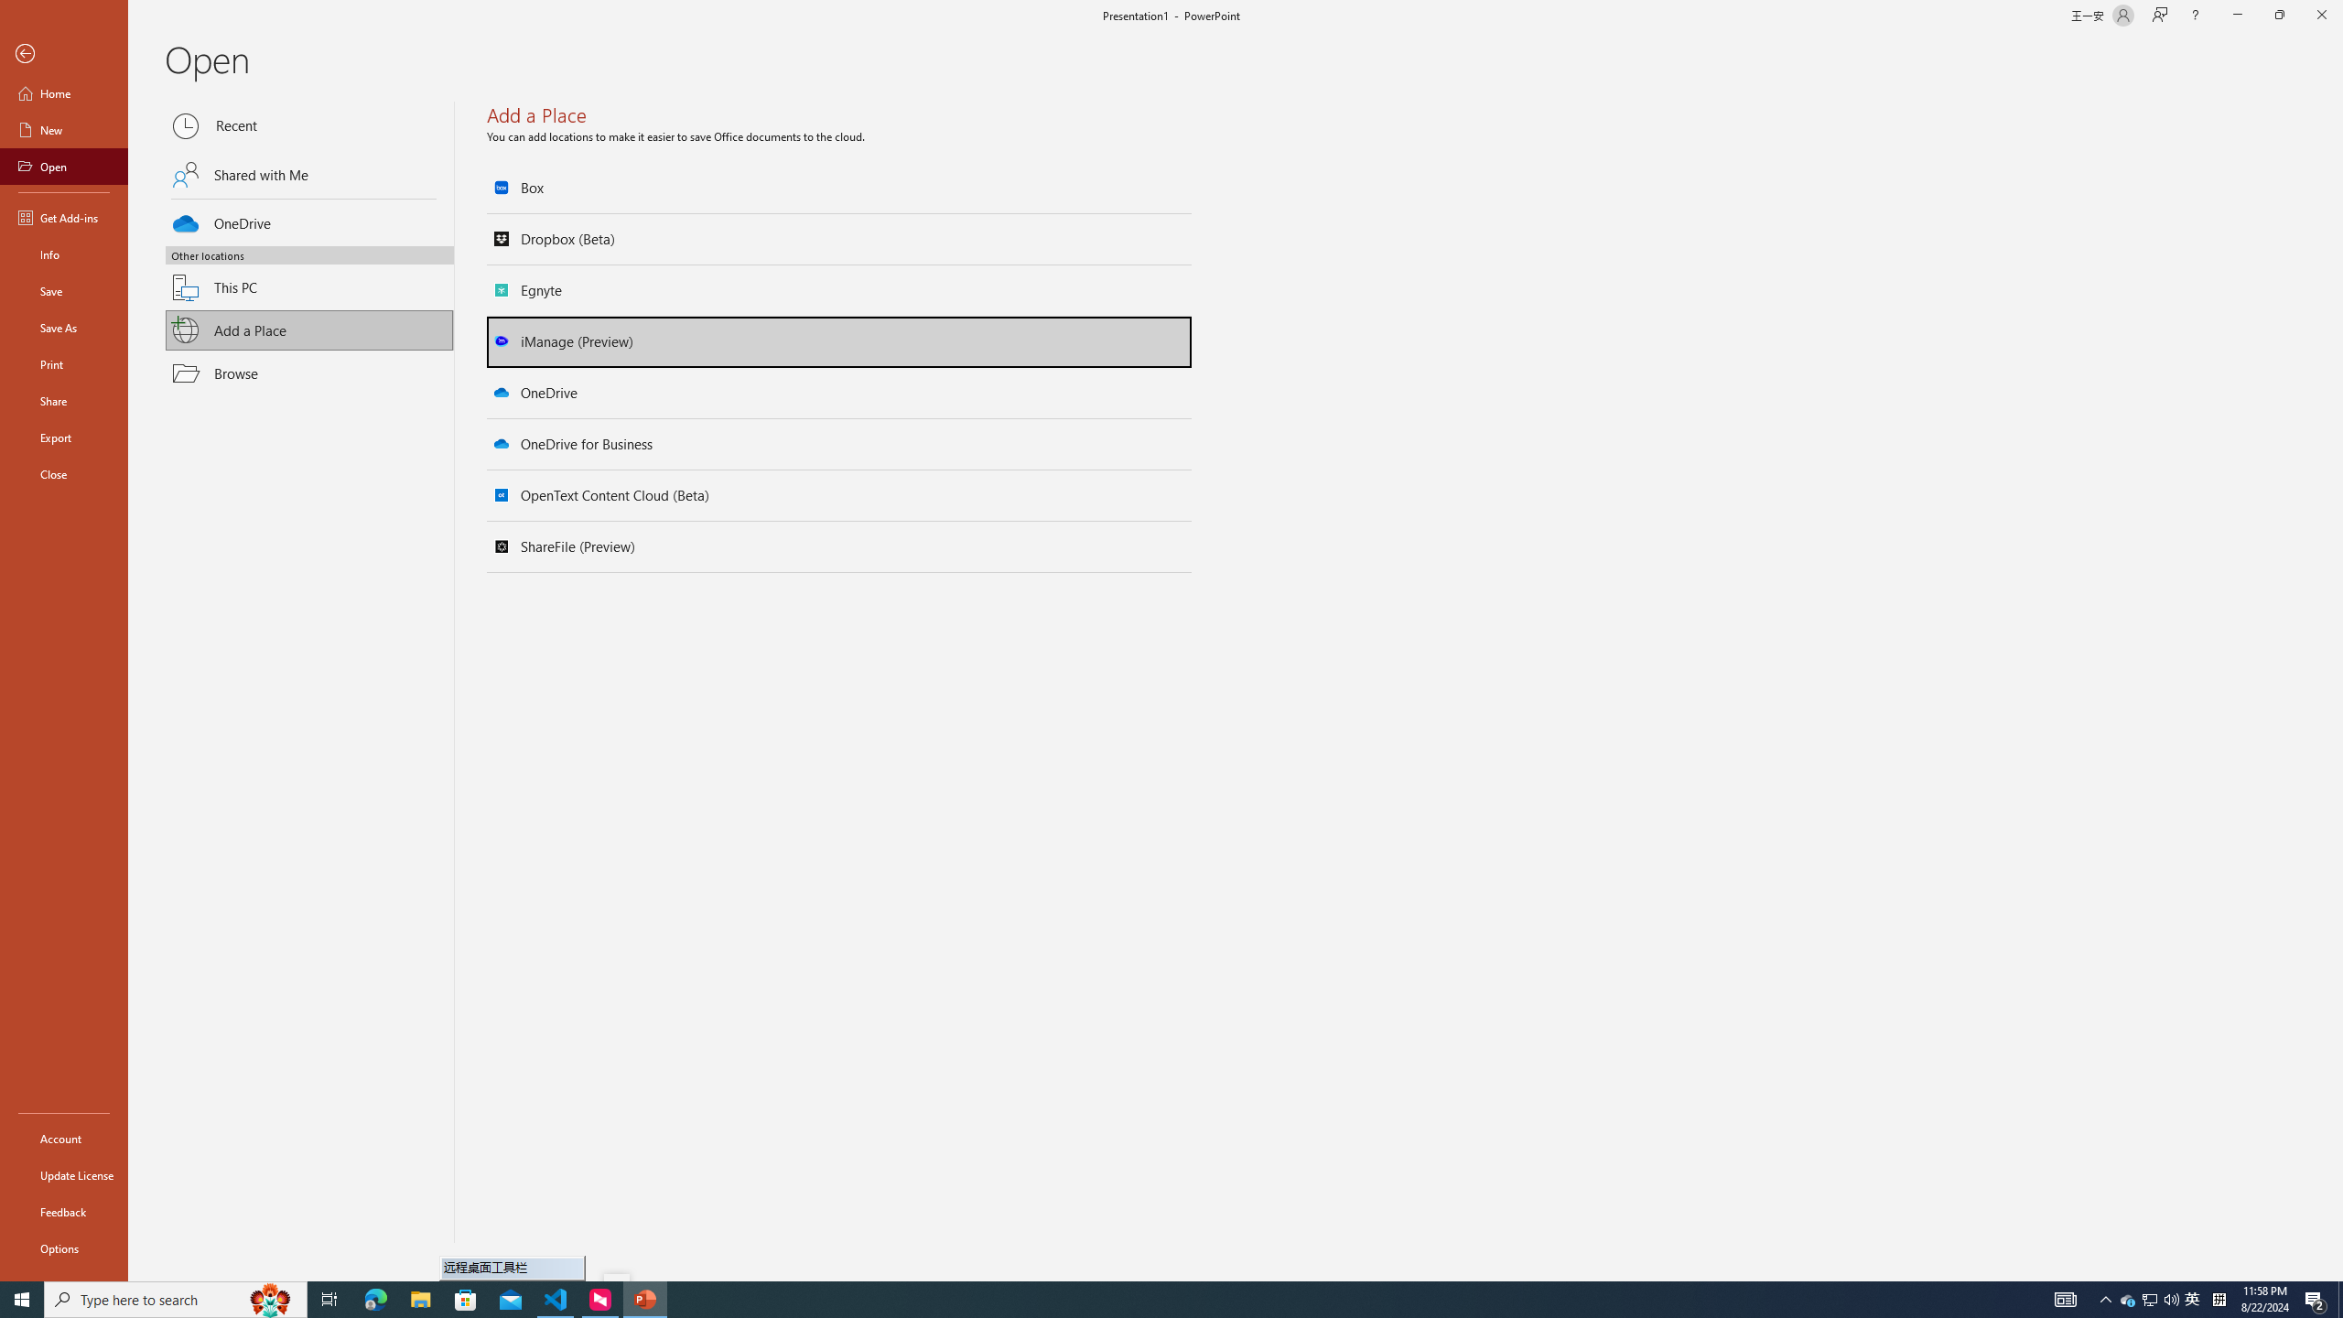 The height and width of the screenshot is (1318, 2343). I want to click on 'Options', so click(63, 1248).